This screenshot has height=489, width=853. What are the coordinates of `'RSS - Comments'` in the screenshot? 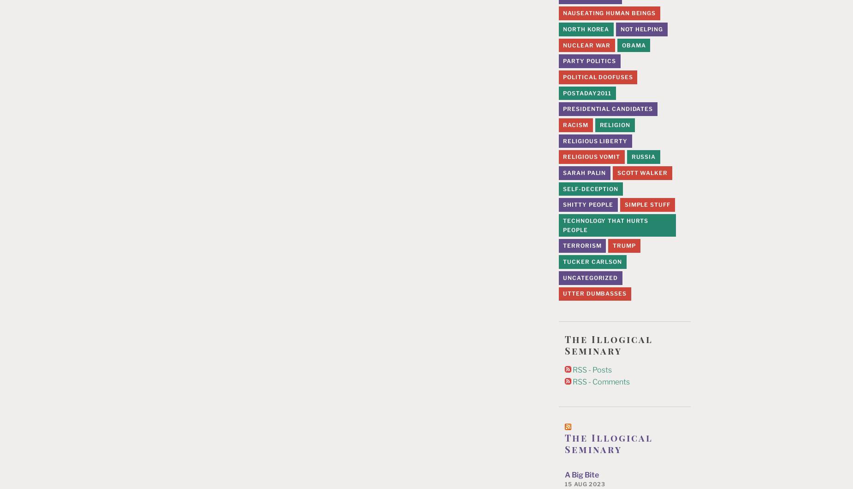 It's located at (600, 381).